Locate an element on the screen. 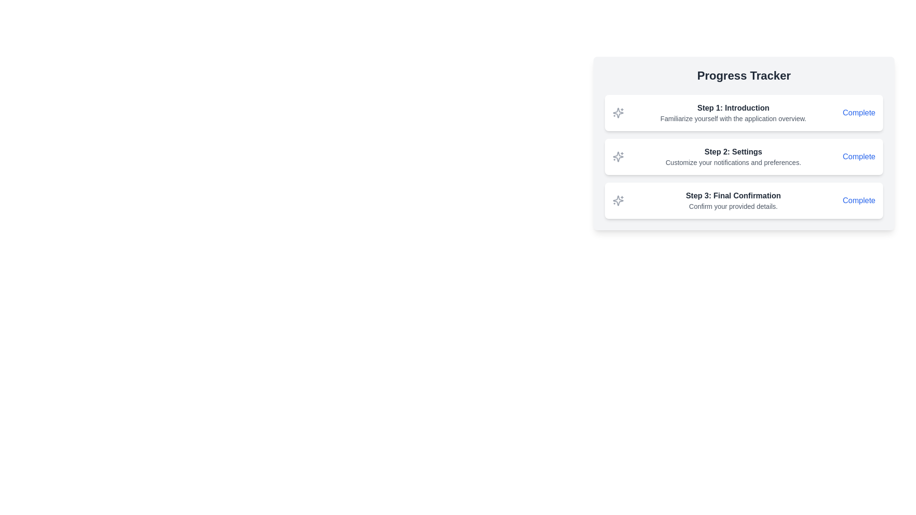 This screenshot has height=515, width=916. the clickable text 'Complete' displayed in blue with an underline that appears on hover, located to the far right of the progress tracker card following the description text 'Customize your notifications and preferences.' is located at coordinates (859, 156).